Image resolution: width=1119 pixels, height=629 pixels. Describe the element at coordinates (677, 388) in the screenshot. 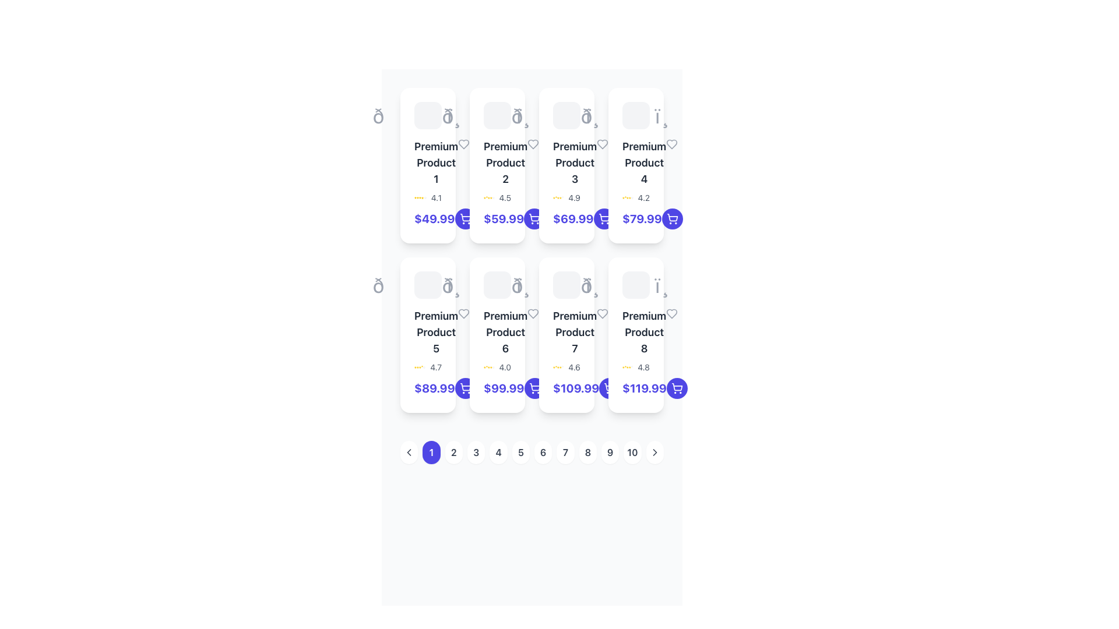

I see `the shopping cart icon located at the bottom right corner of the eighth product card in the grid` at that location.